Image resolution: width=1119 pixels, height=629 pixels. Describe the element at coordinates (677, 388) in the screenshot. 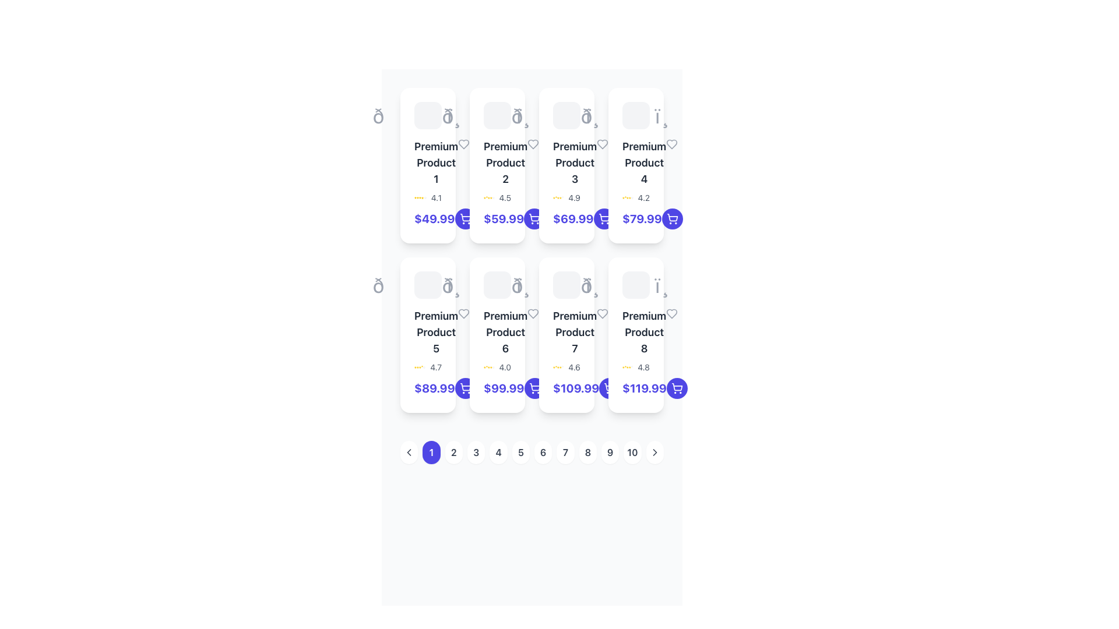

I see `the shopping cart icon located at the bottom right corner of the eighth product card in the grid` at that location.